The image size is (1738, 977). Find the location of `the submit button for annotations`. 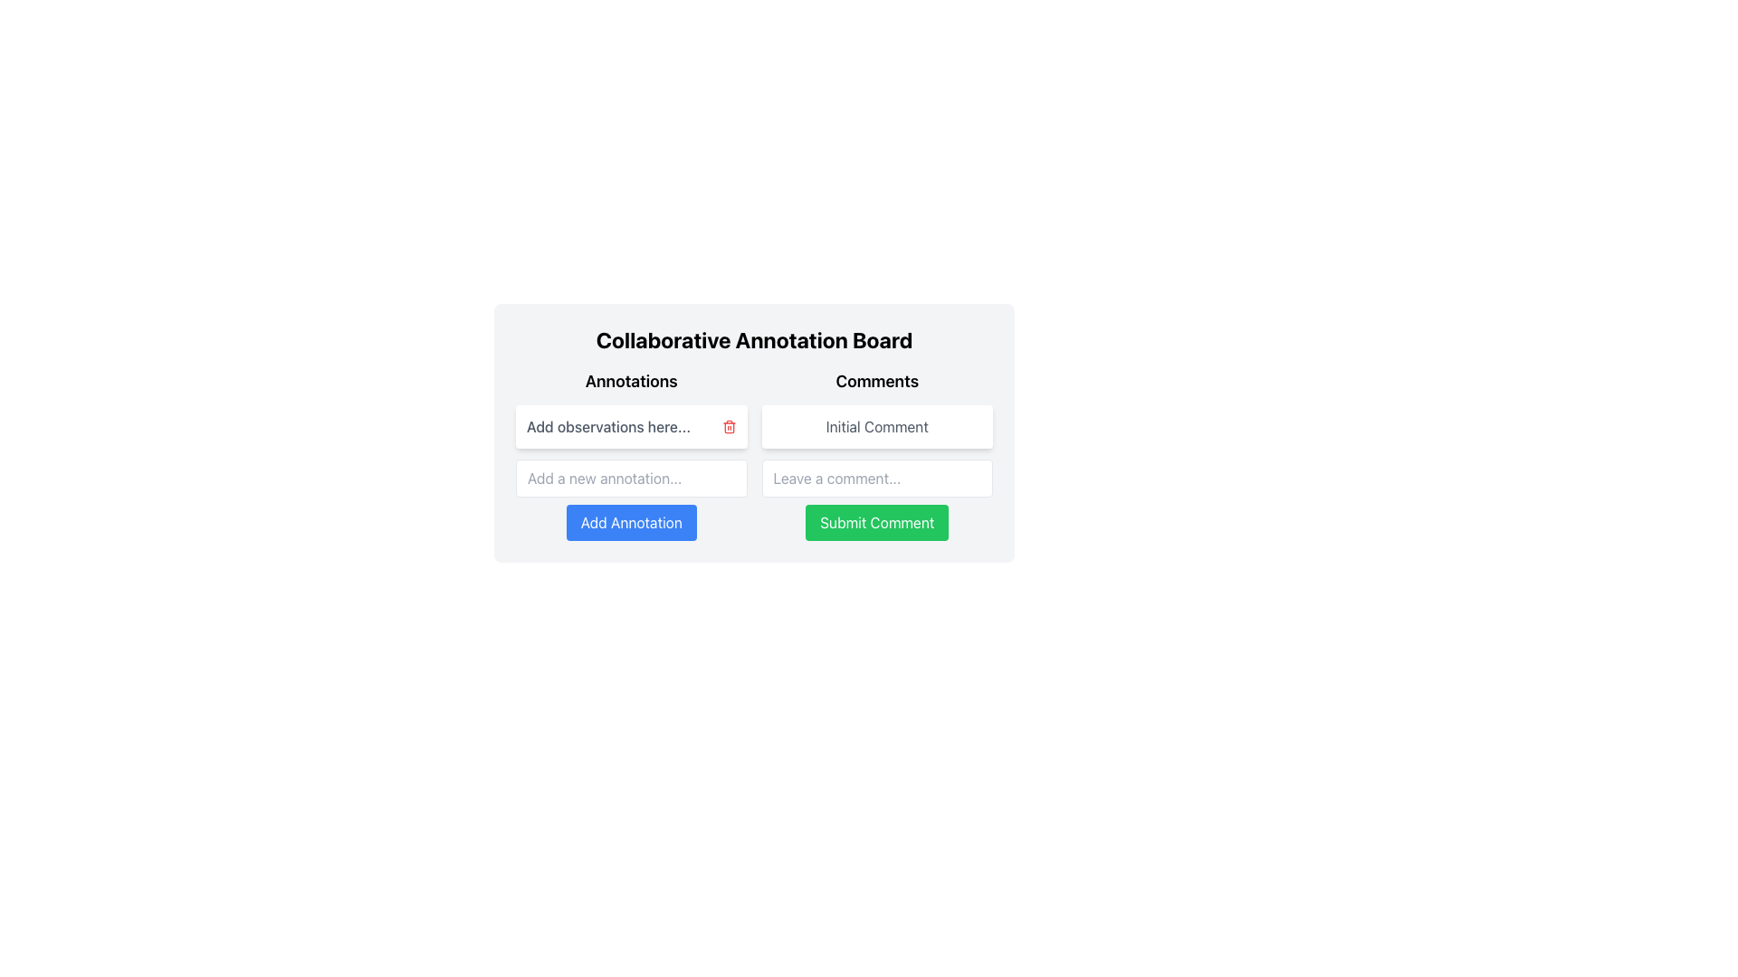

the submit button for annotations is located at coordinates (631, 499).